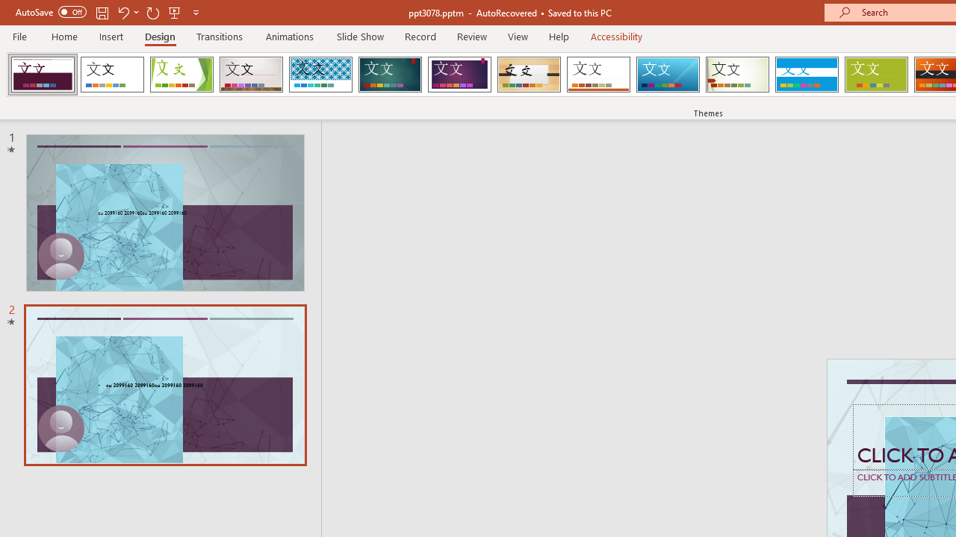 The image size is (956, 537). I want to click on 'Retrospect', so click(598, 75).